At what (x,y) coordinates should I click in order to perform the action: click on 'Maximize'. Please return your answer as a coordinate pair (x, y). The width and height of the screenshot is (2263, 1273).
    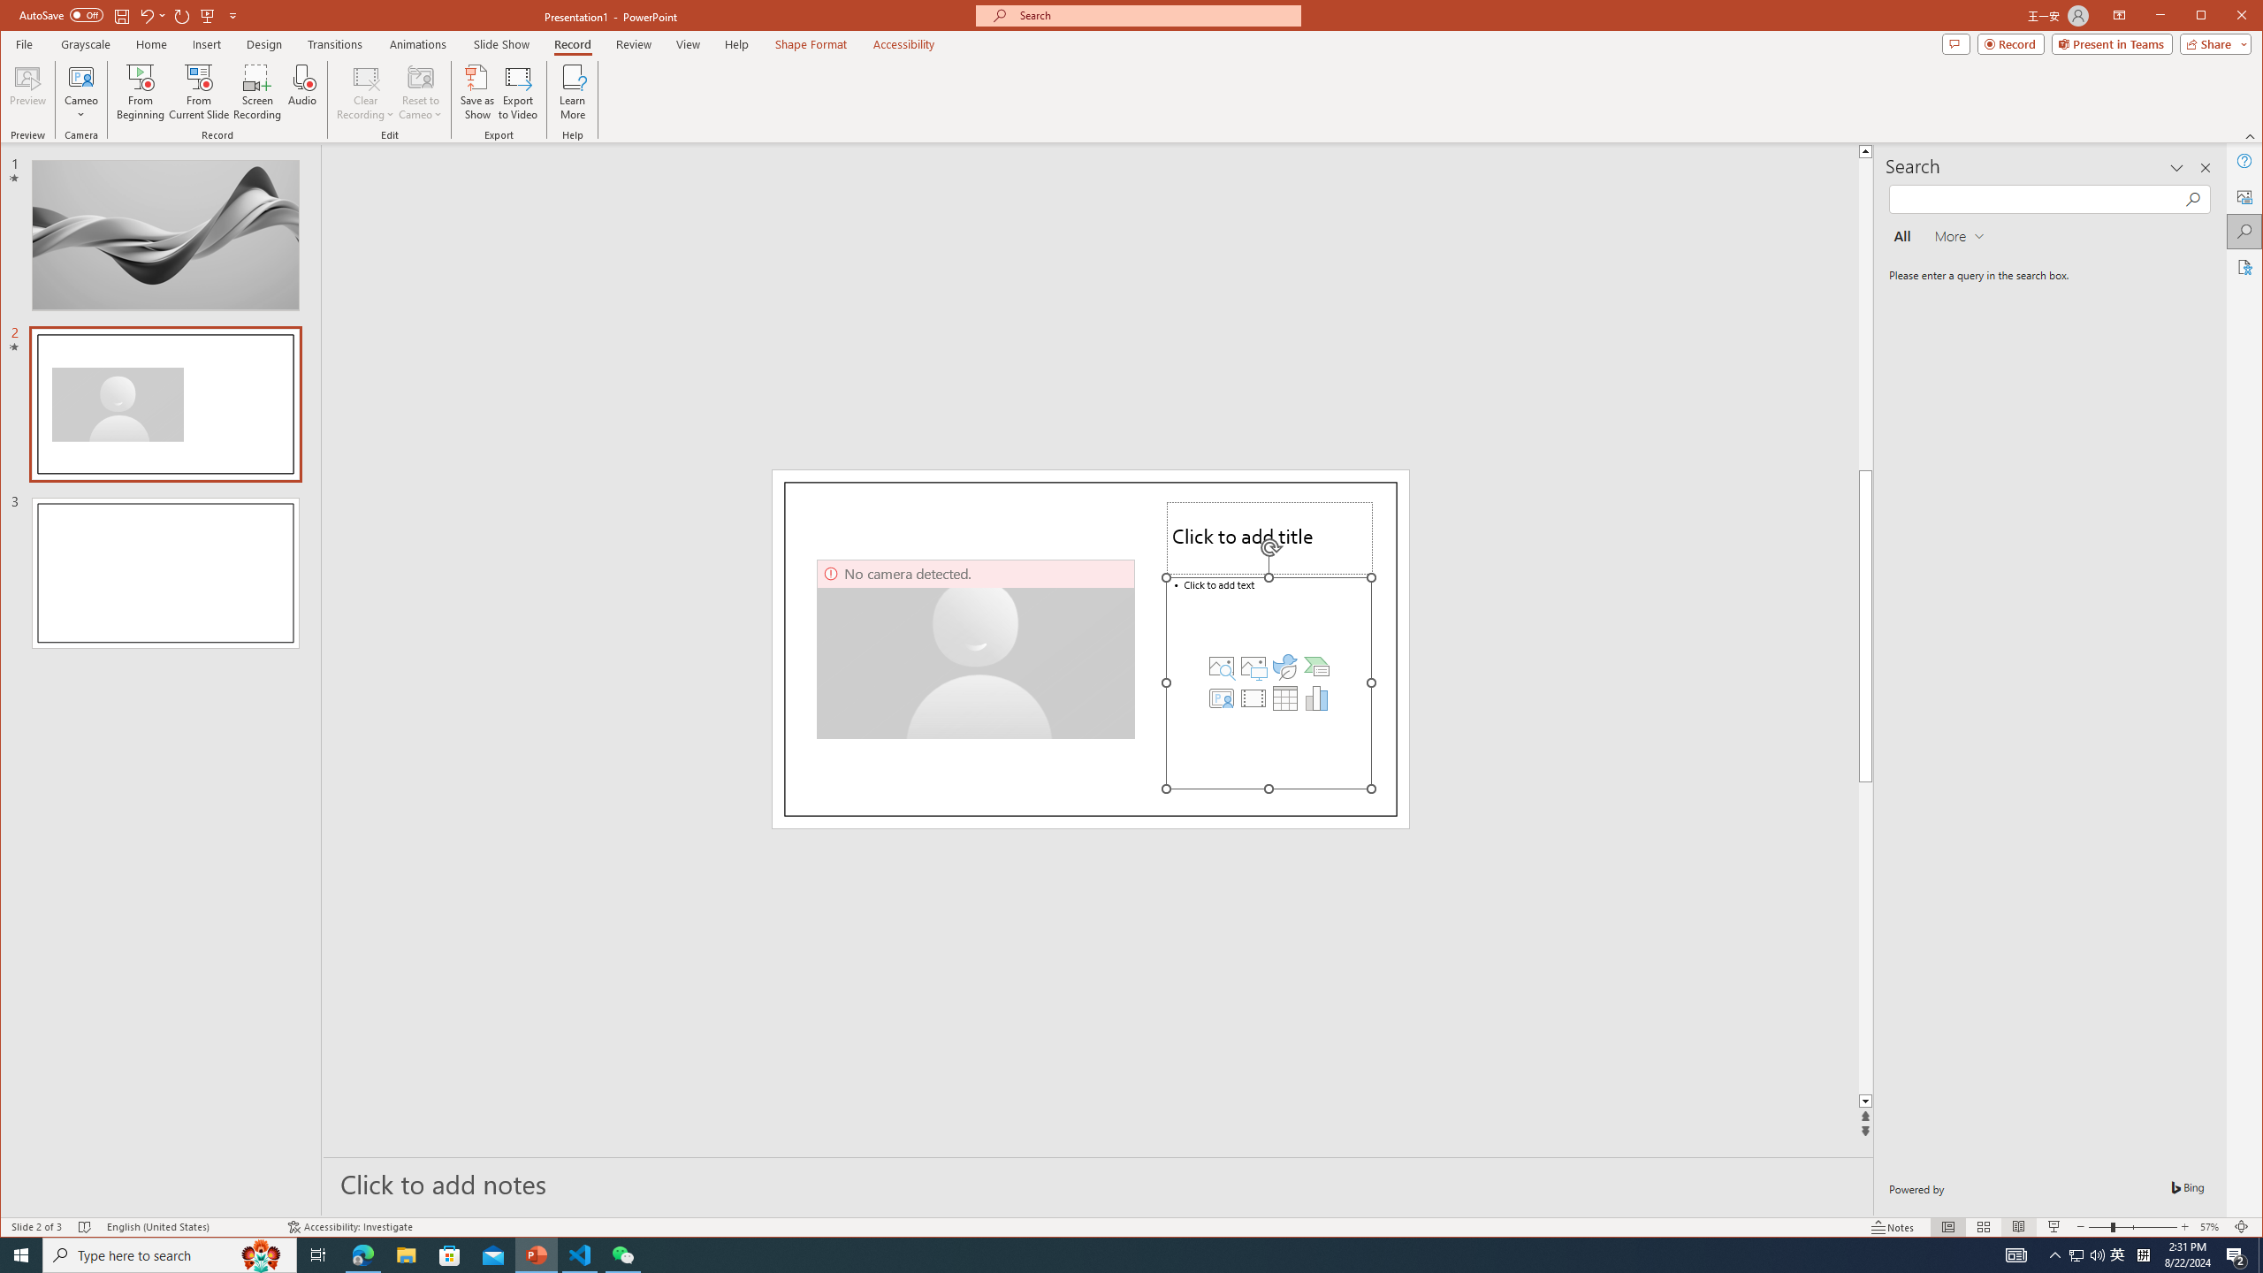
    Looking at the image, I should click on (2227, 17).